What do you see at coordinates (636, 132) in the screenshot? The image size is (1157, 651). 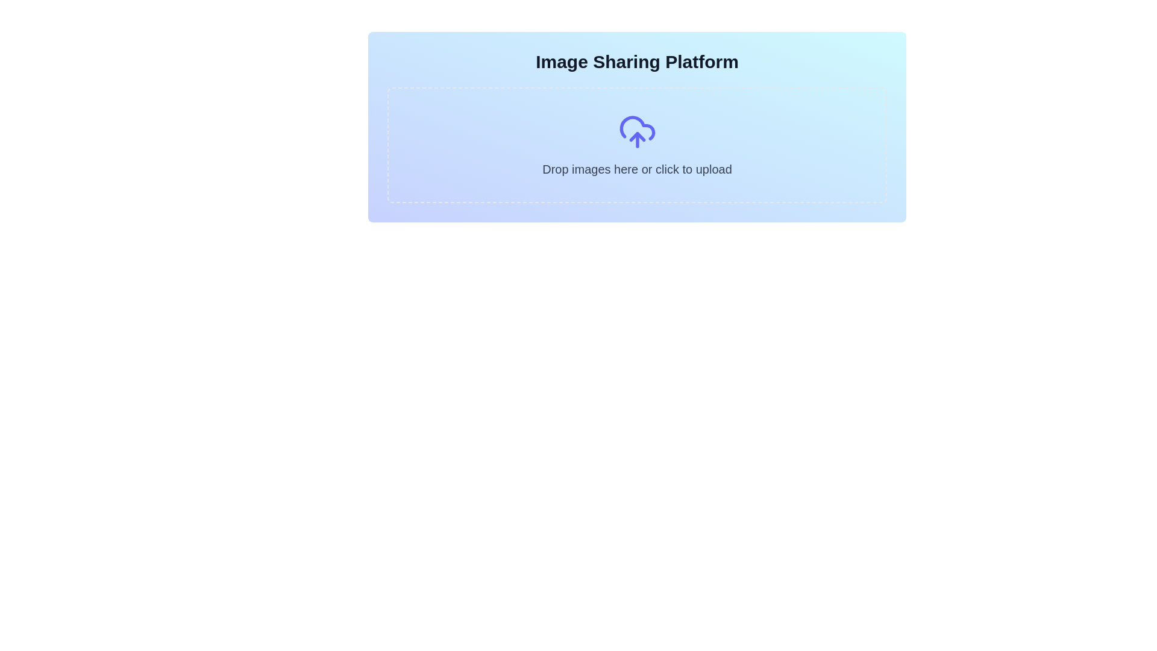 I see `or interpret the upload icon located at the top center of the application interface, directly above the text 'Drop images here or click to upload'` at bounding box center [636, 132].